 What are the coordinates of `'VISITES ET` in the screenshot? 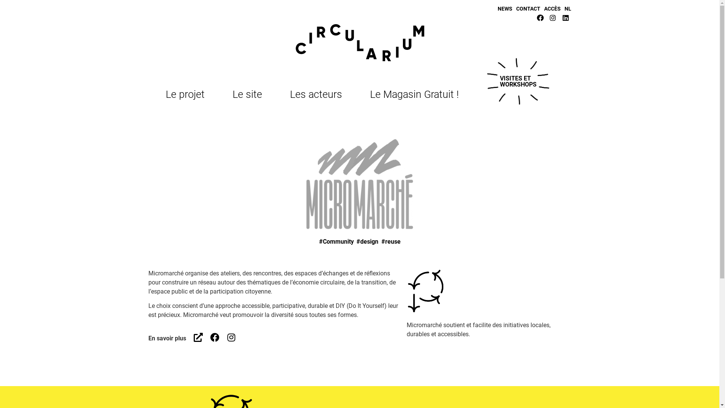 It's located at (518, 82).